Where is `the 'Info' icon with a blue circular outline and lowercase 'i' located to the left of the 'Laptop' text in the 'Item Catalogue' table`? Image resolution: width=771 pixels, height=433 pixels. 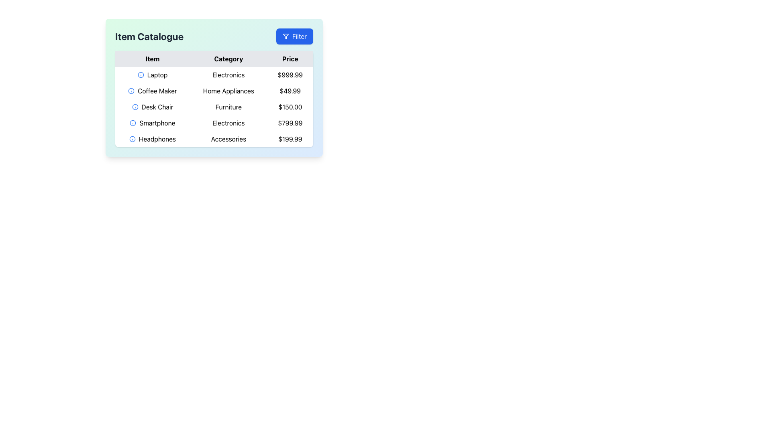 the 'Info' icon with a blue circular outline and lowercase 'i' located to the left of the 'Laptop' text in the 'Item Catalogue' table is located at coordinates (141, 75).